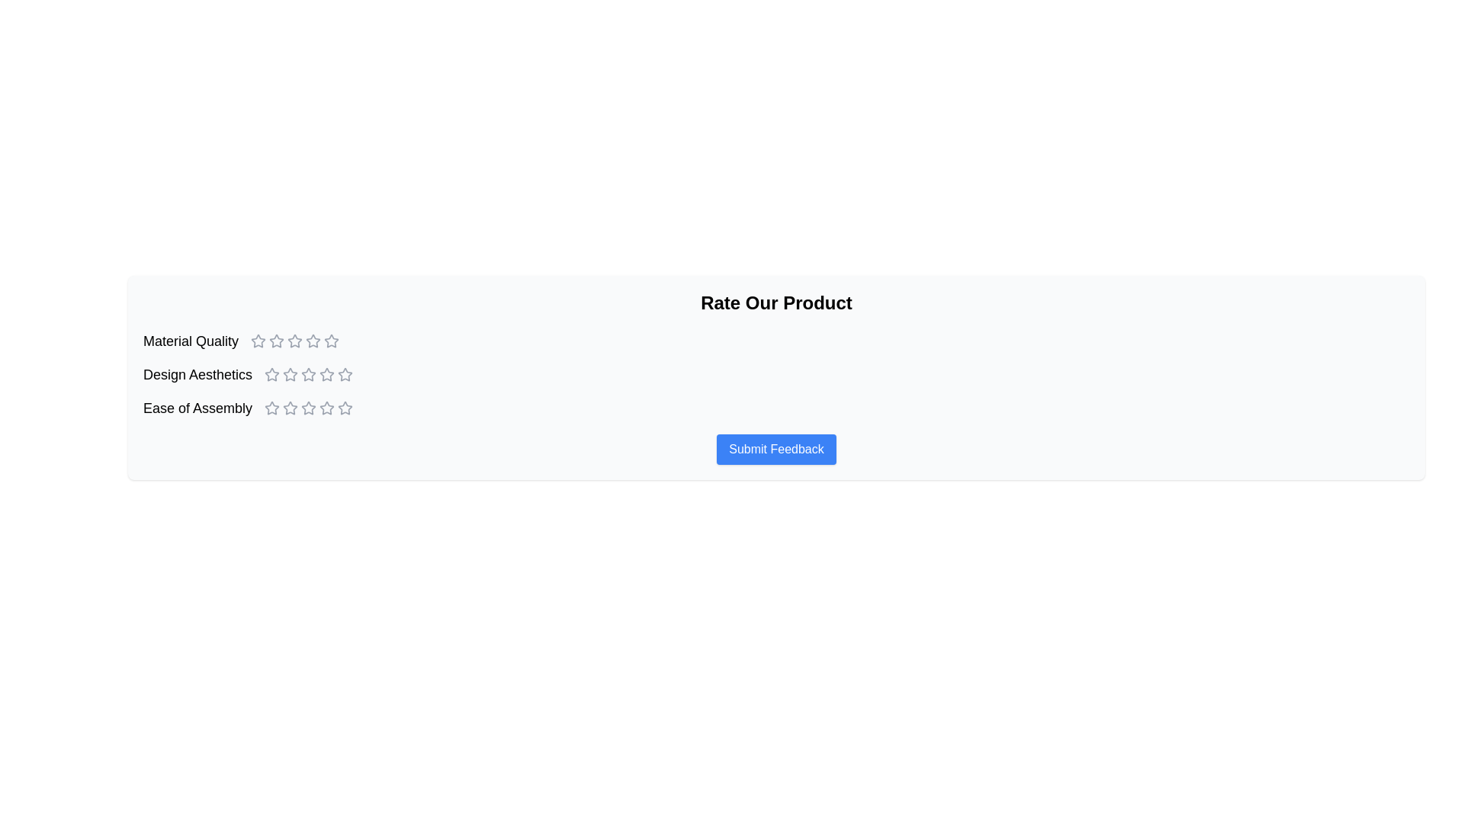 The width and height of the screenshot is (1464, 823). What do you see at coordinates (326, 408) in the screenshot?
I see `the seventh star icon in the Ease of Assembly rating section to interact with the star-based rating system` at bounding box center [326, 408].